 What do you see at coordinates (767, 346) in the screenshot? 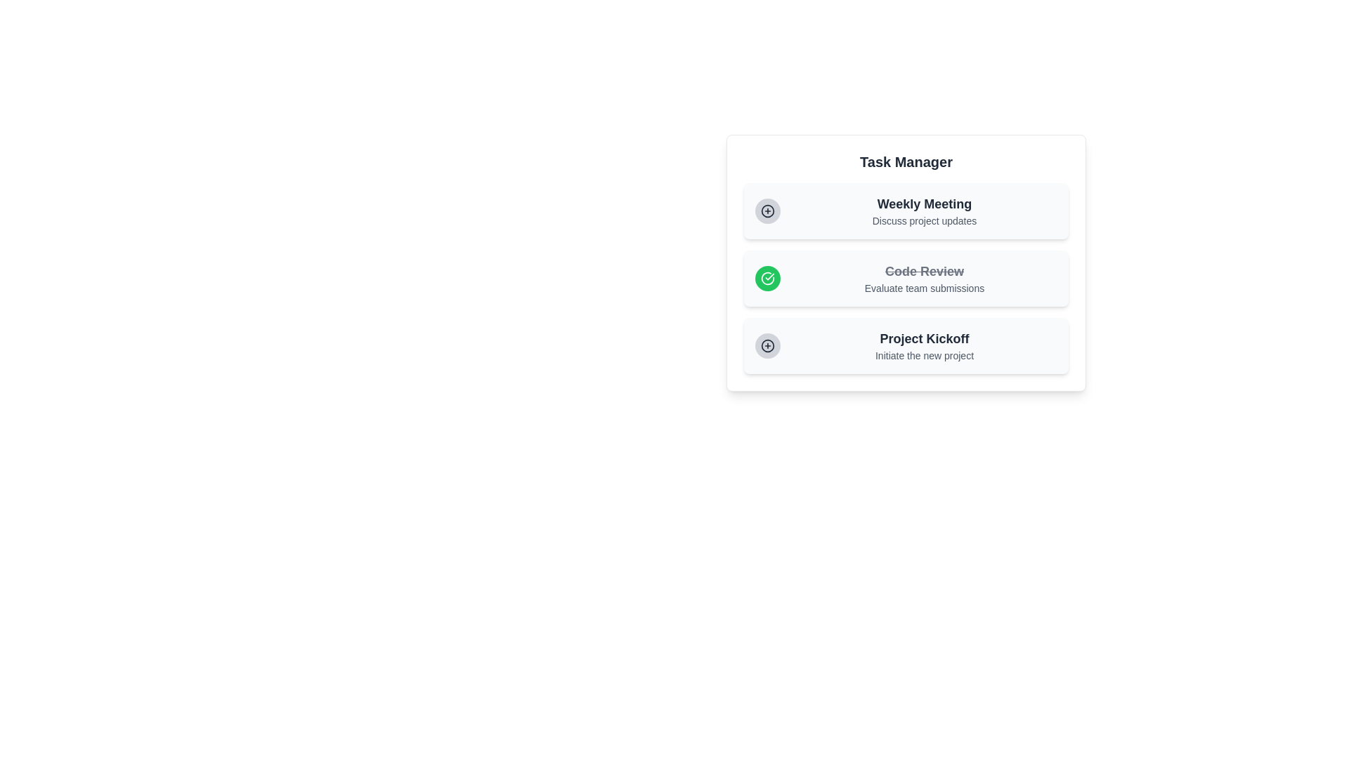
I see `the circular gray button with a plus icon located in the top-left corner of the 'Project Kickoff' card` at bounding box center [767, 346].